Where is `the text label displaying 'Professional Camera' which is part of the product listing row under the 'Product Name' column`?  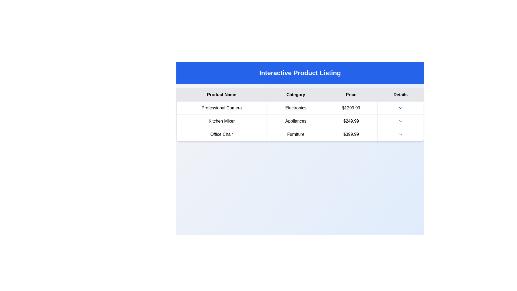 the text label displaying 'Professional Camera' which is part of the product listing row under the 'Product Name' column is located at coordinates (222, 108).